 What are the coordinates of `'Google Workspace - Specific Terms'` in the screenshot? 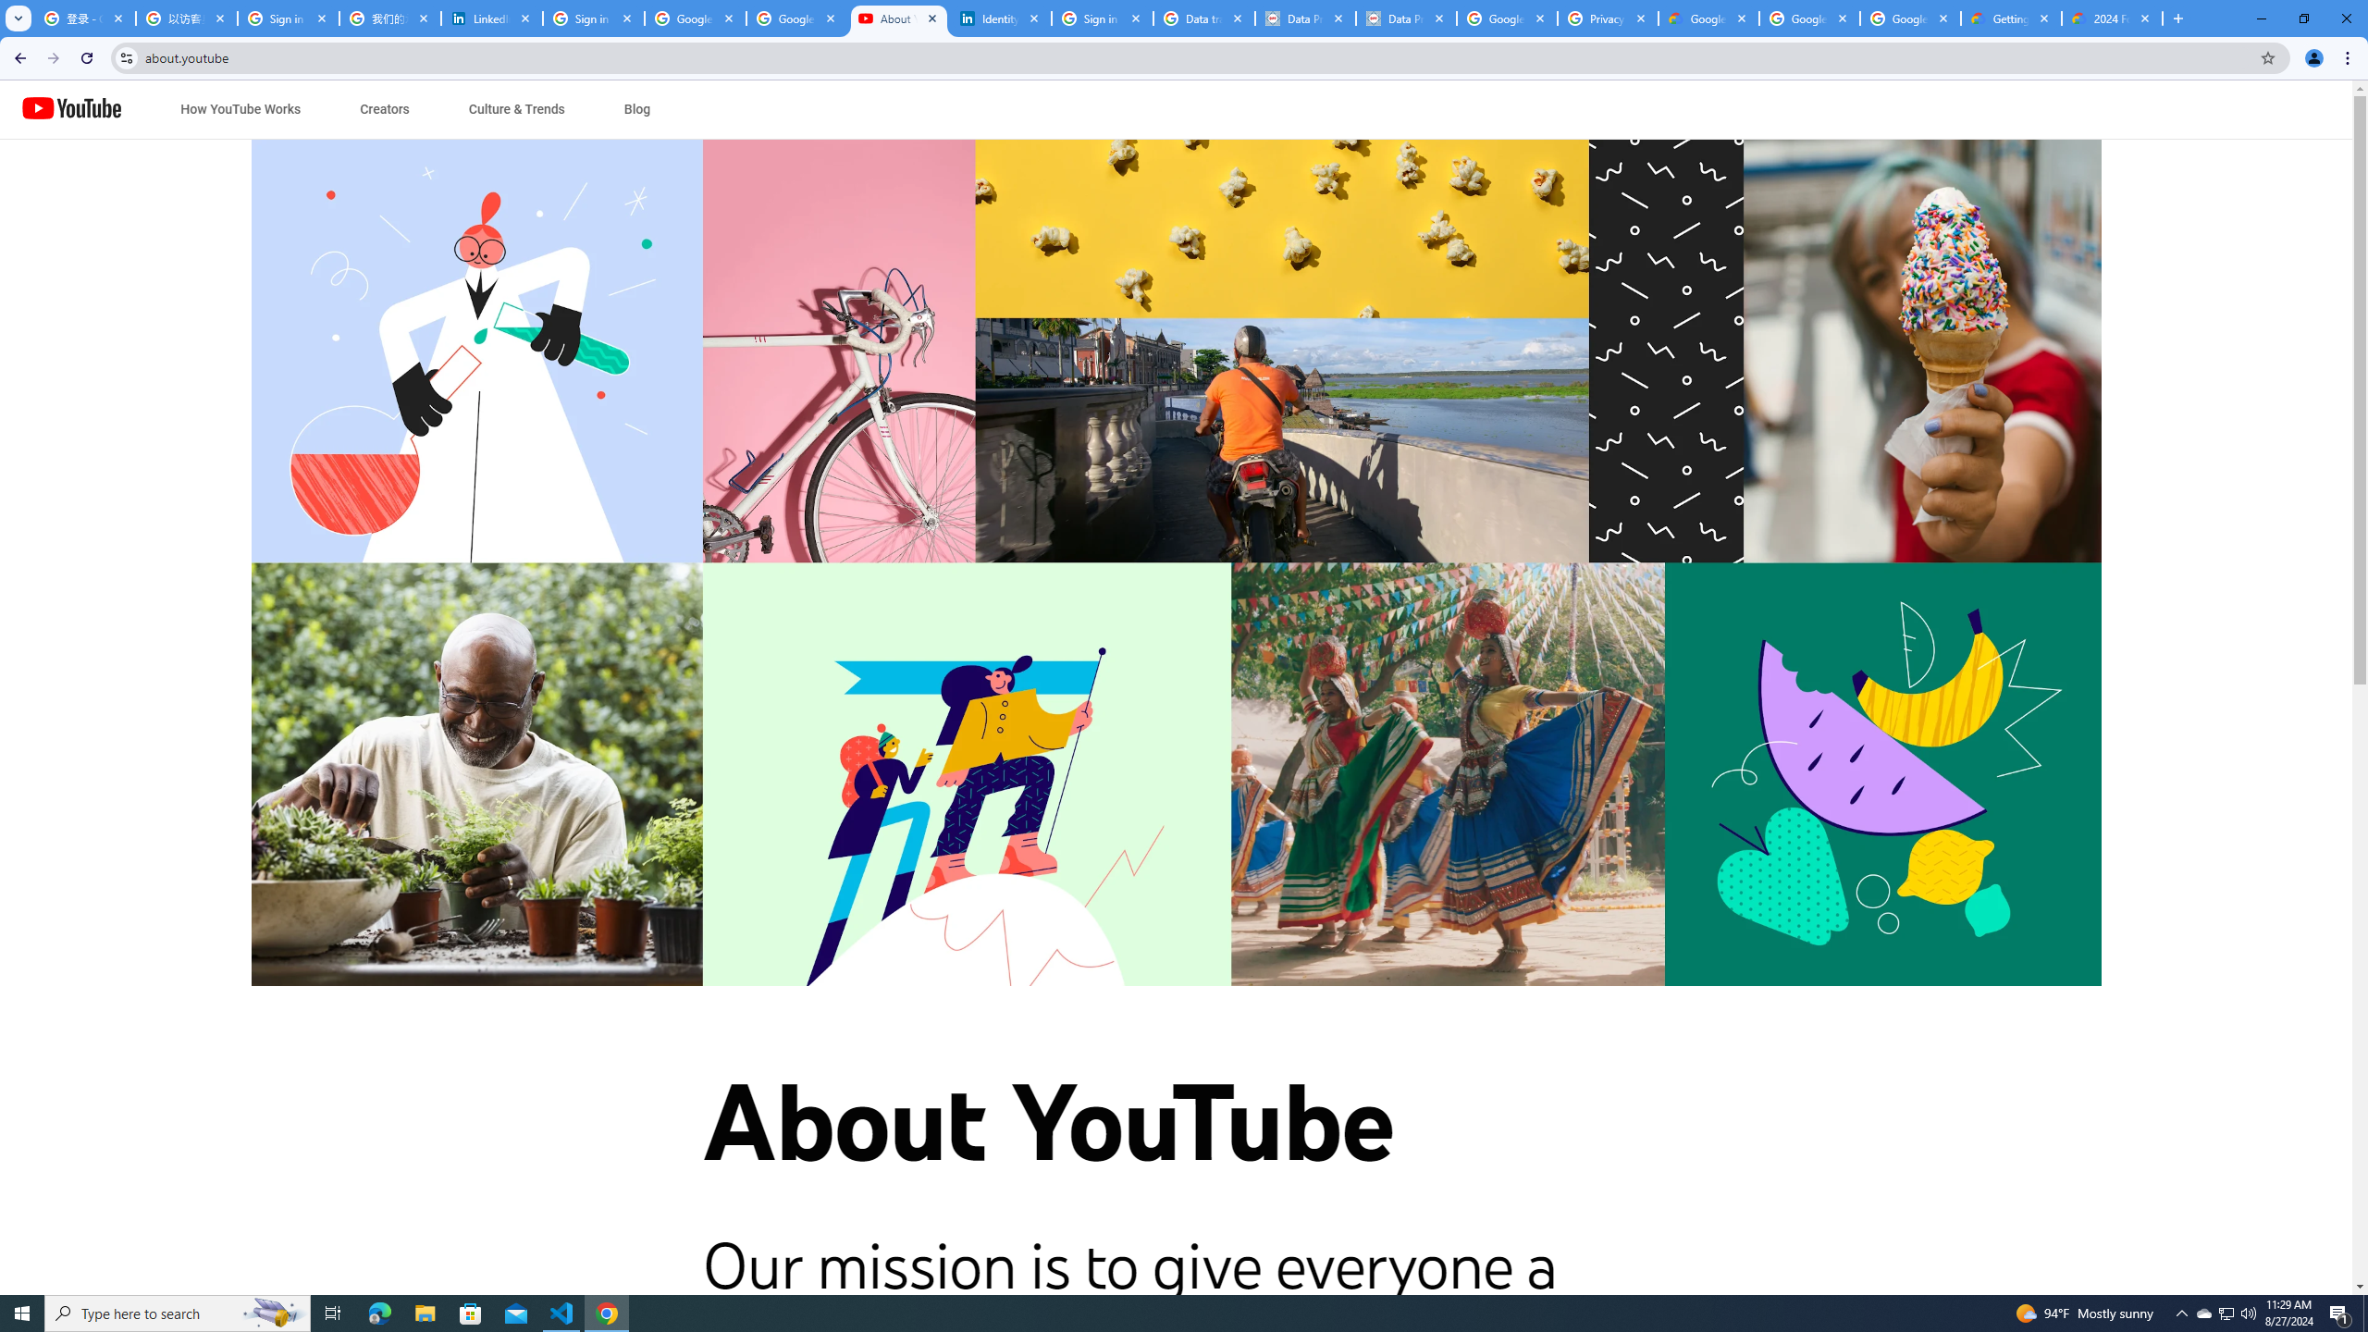 It's located at (1909, 18).